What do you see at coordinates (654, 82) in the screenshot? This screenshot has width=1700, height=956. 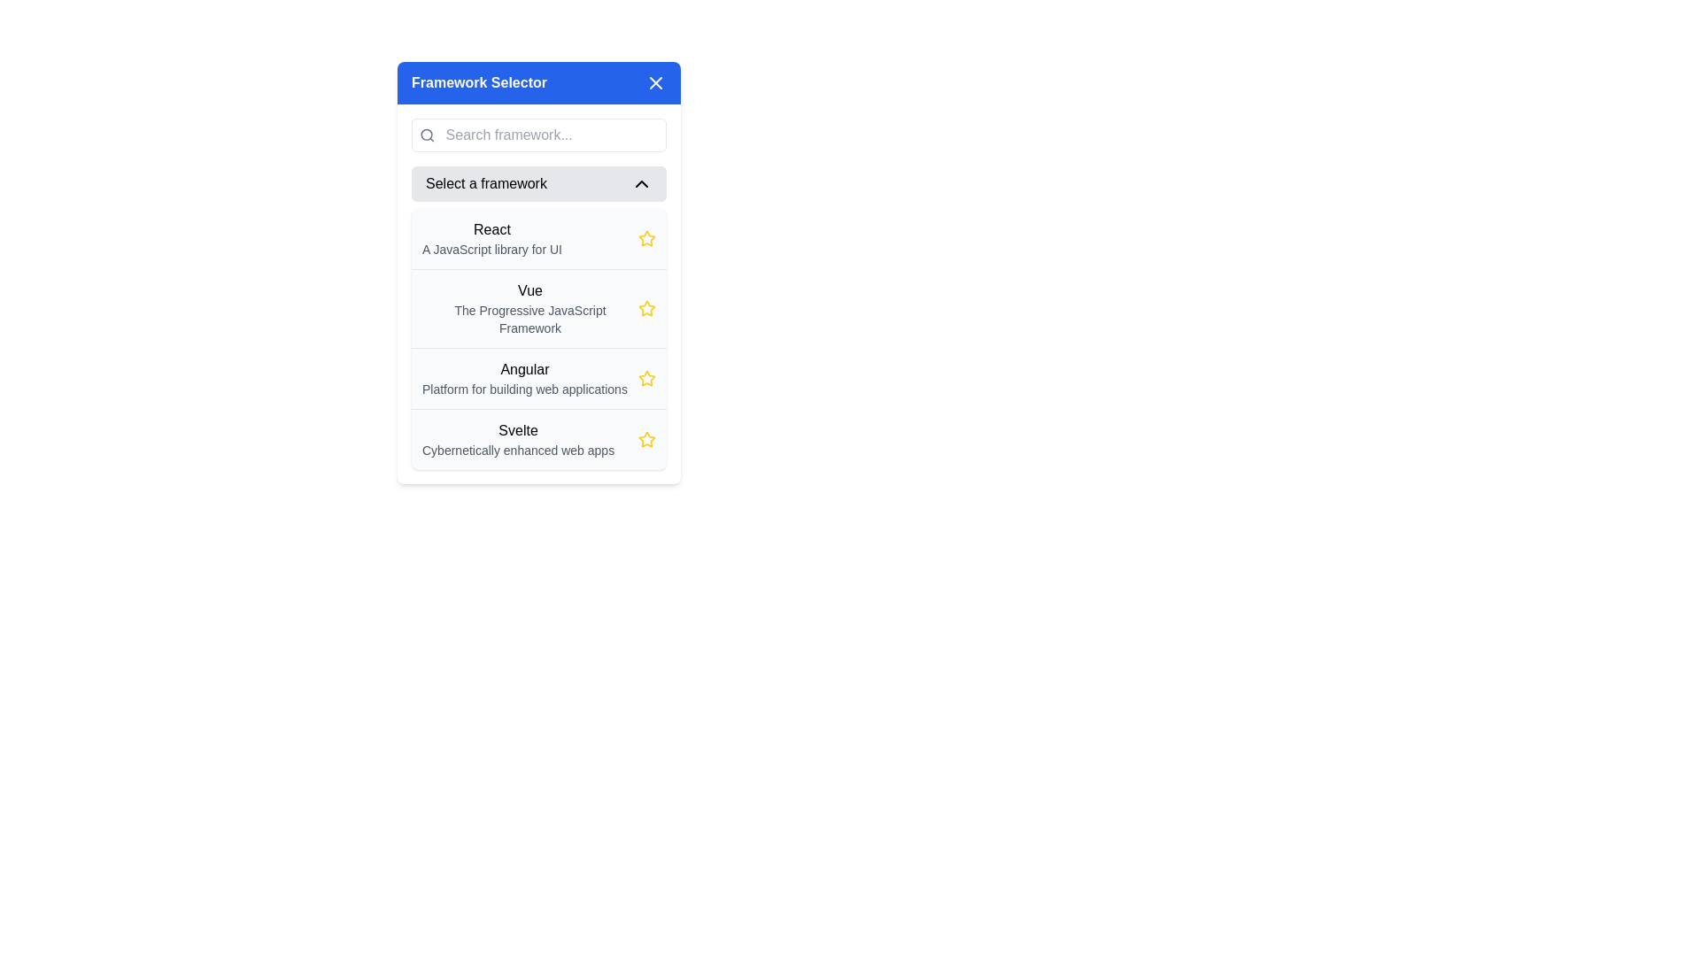 I see `the 'X' shaped icon button located in the top-right corner of the blue header bar labeled 'Framework Selector'` at bounding box center [654, 82].